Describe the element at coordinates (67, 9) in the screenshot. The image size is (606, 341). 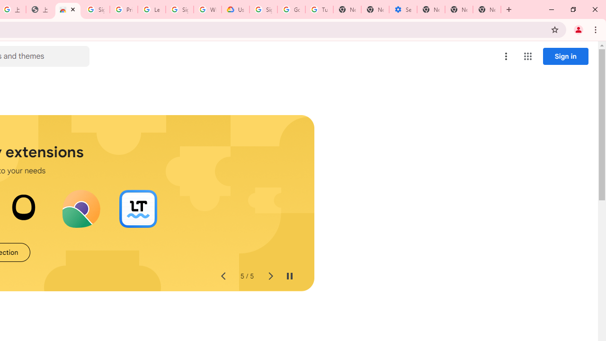
I see `'Chrome Web Store'` at that location.